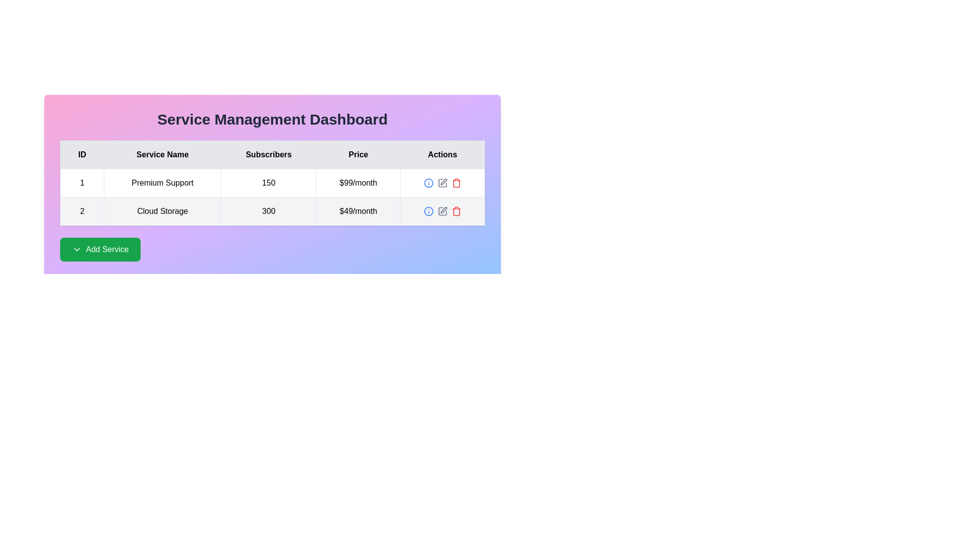  Describe the element at coordinates (76, 249) in the screenshot. I see `the Downward chevron icon of the 'Add Service' button` at that location.